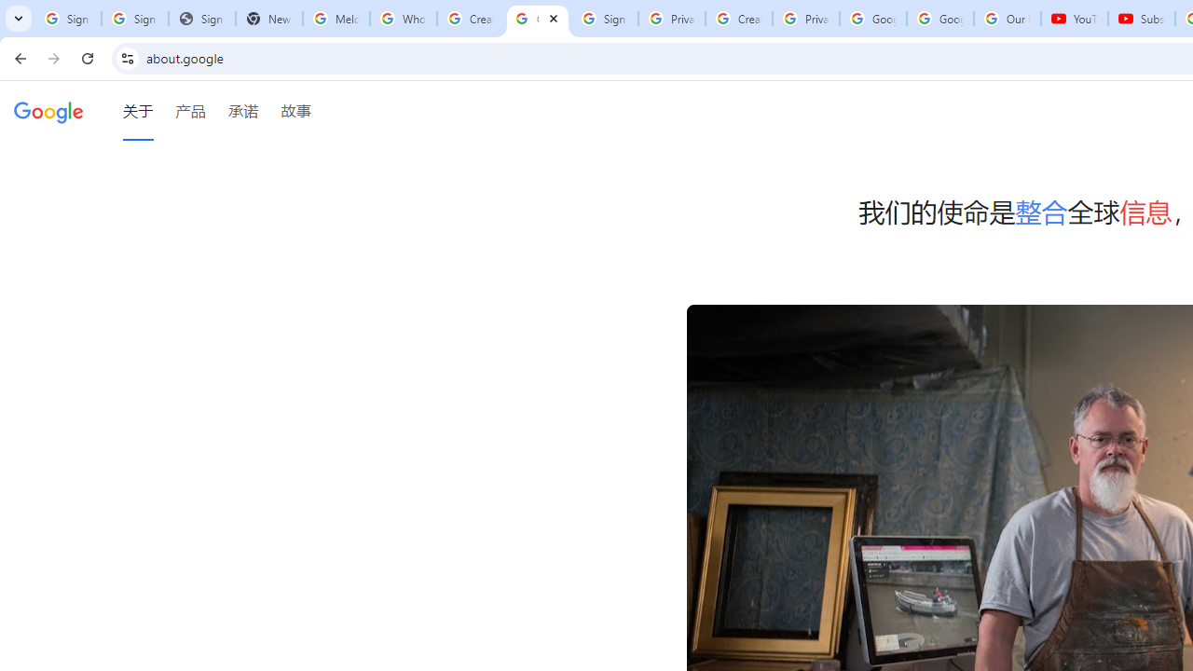  I want to click on 'YouTube', so click(1075, 19).